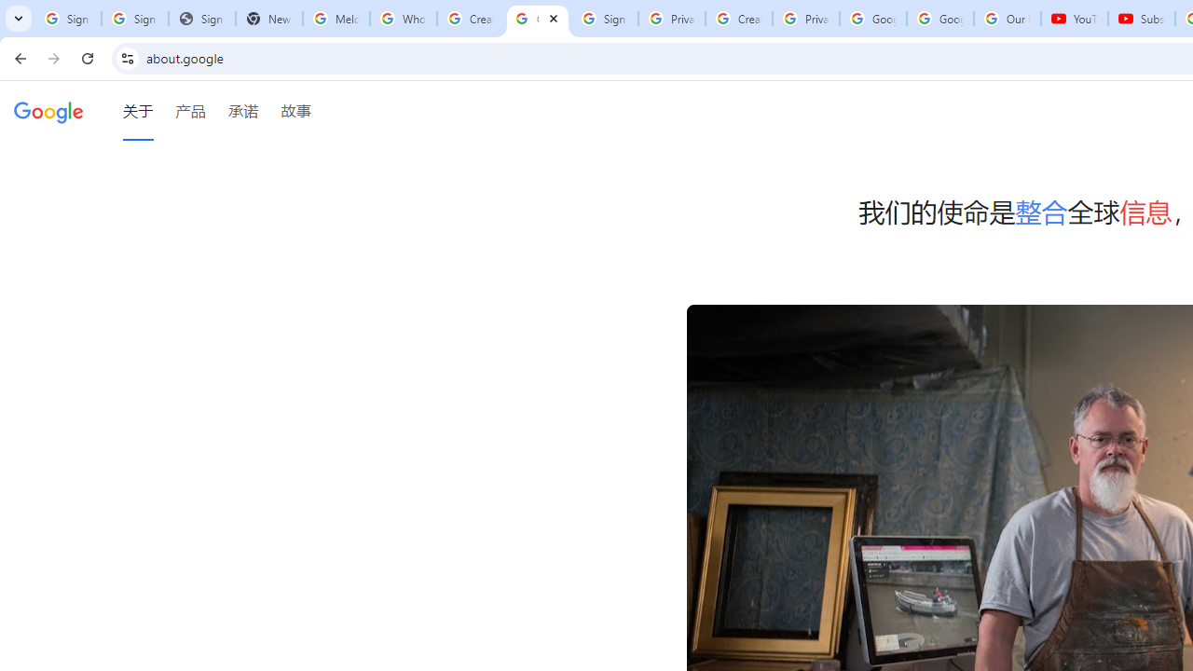  I want to click on 'YouTube', so click(1075, 19).